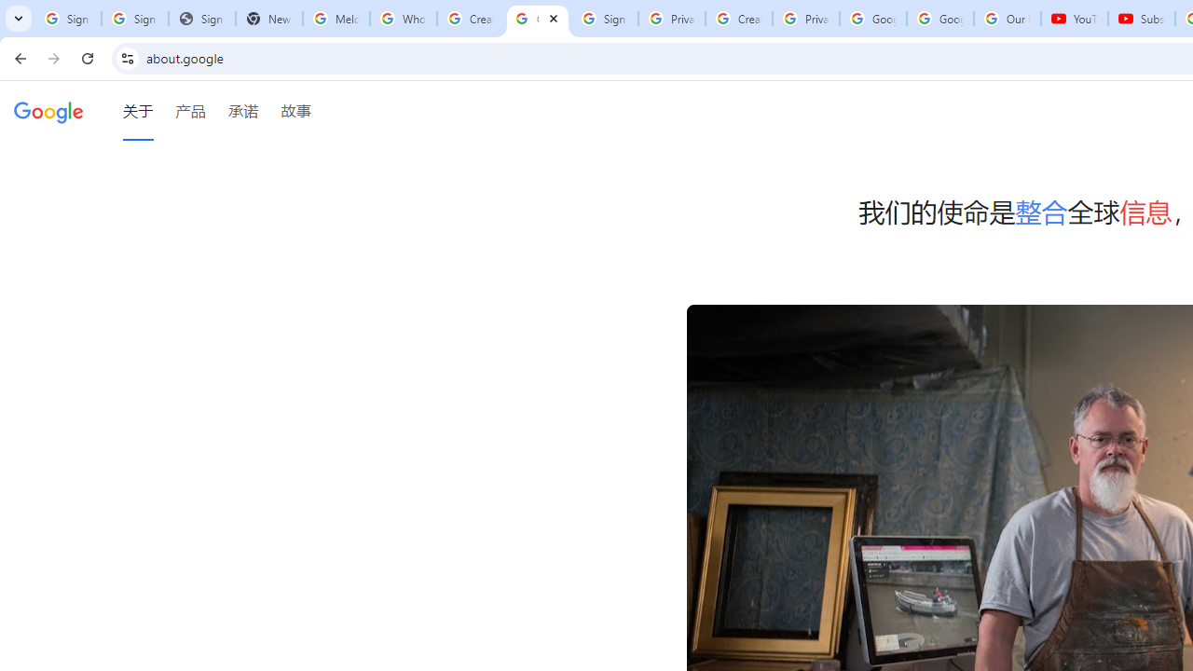  I want to click on 'YouTube', so click(1075, 19).